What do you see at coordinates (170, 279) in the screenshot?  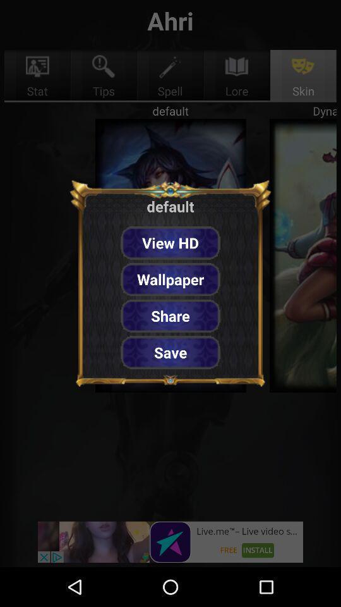 I see `the item below view hd item` at bounding box center [170, 279].